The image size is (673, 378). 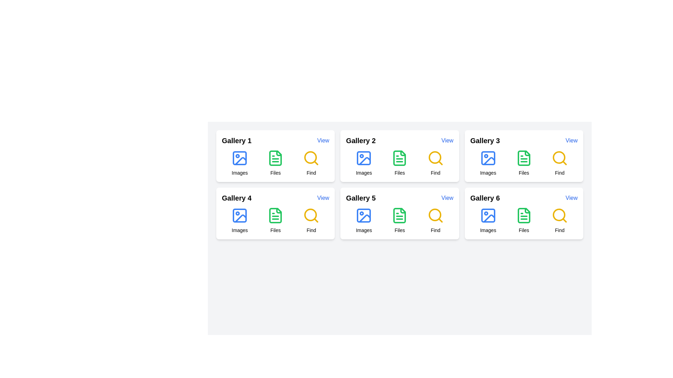 I want to click on non-interactive text label displaying 'Gallery 6', located in the bottom-right section of the grid, so click(x=484, y=198).